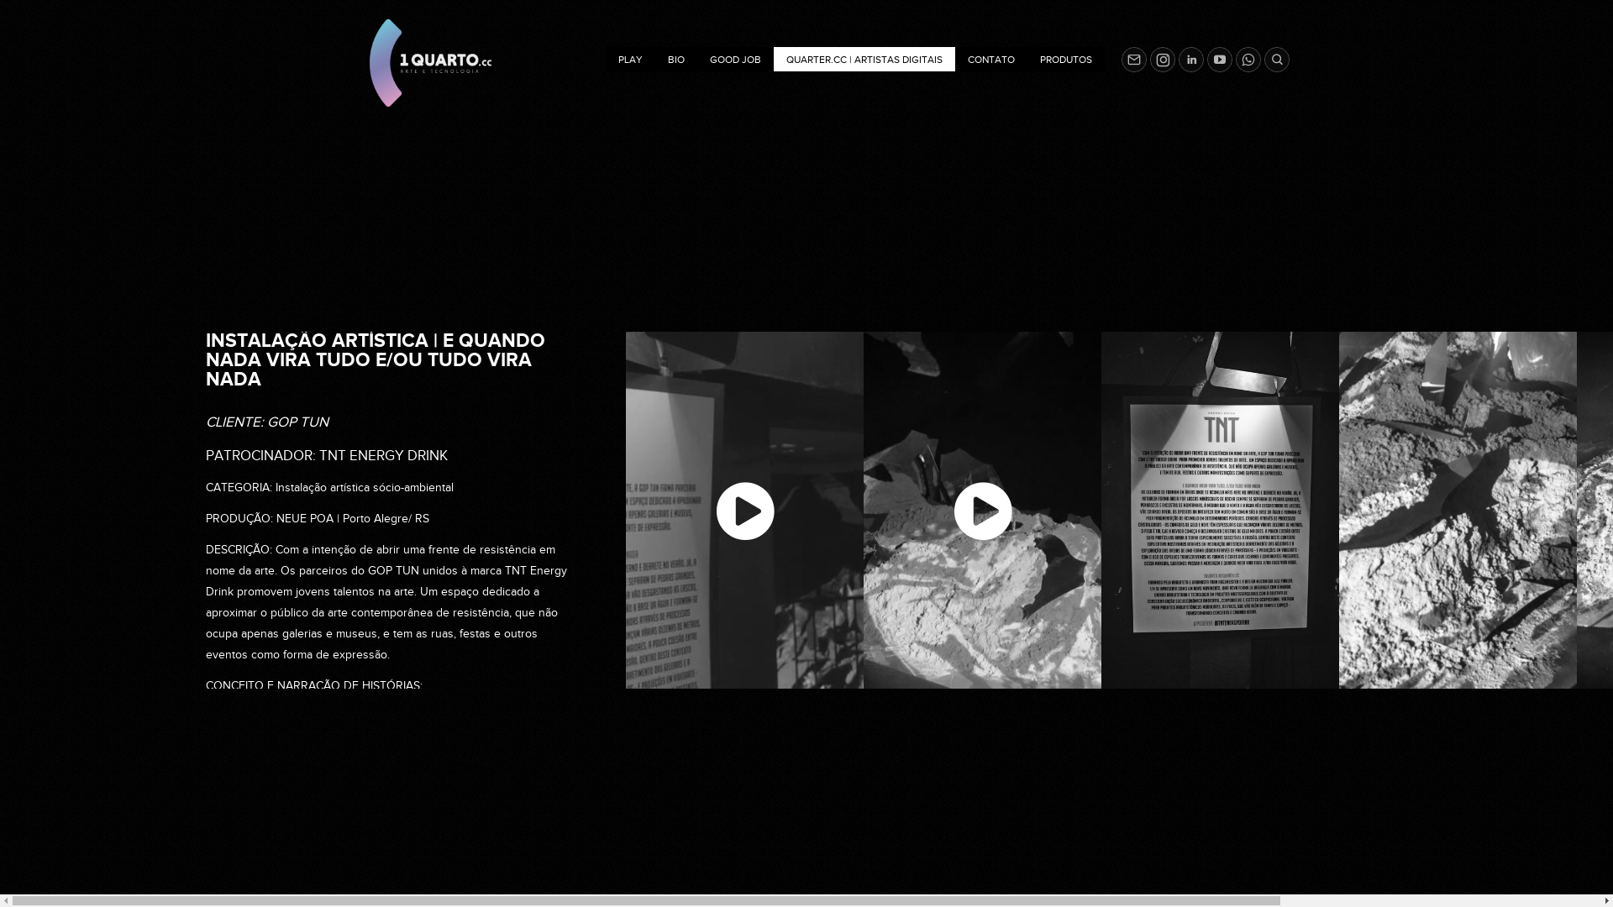 The height and width of the screenshot is (907, 1613). I want to click on 'PLAY', so click(629, 58).